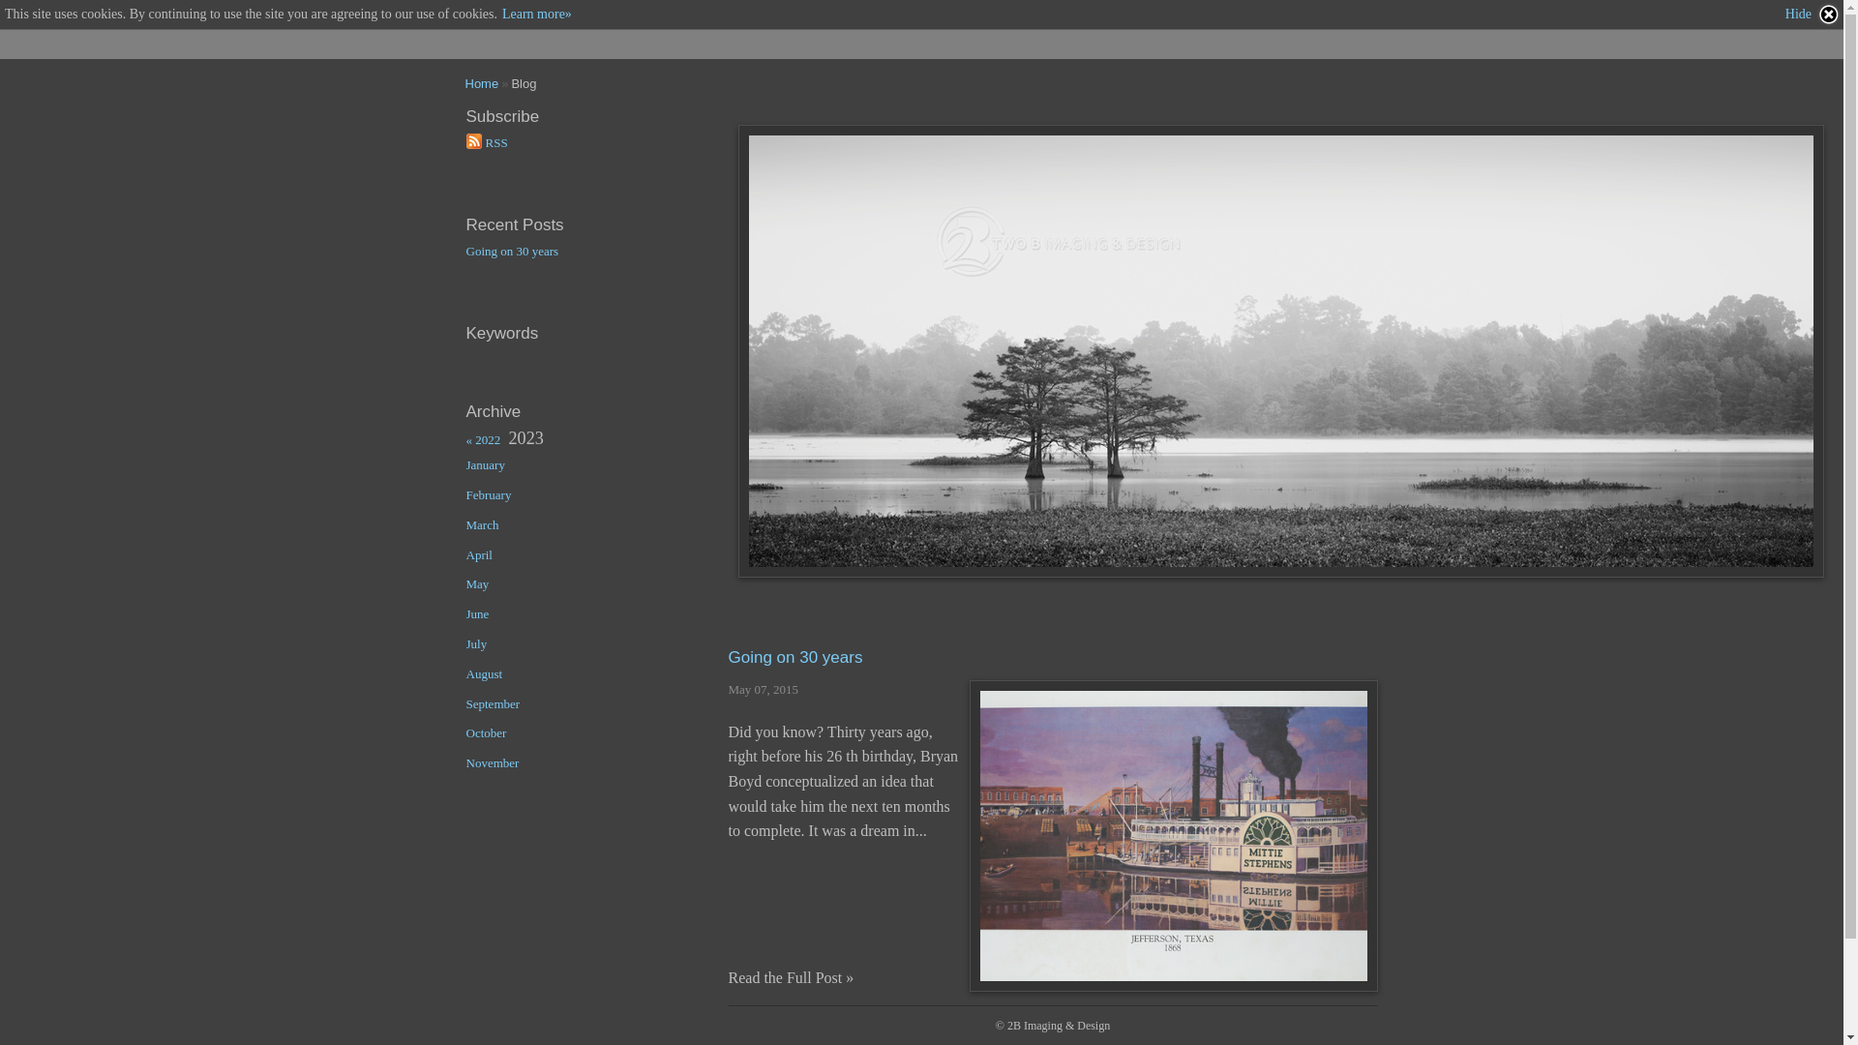  Describe the element at coordinates (1812, 15) in the screenshot. I see `'Hide'` at that location.